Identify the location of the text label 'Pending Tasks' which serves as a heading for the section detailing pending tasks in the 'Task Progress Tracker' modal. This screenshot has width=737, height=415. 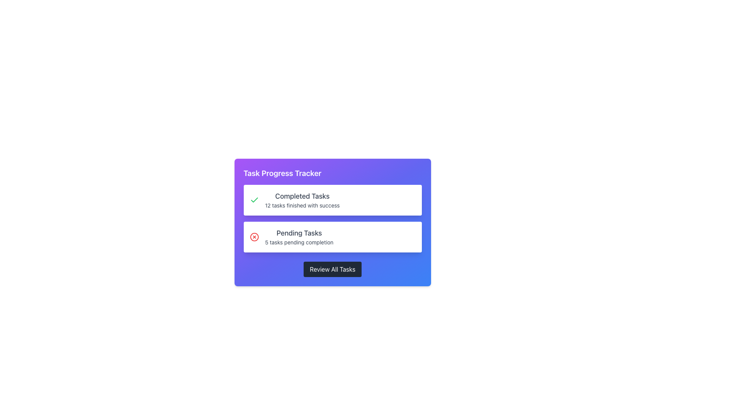
(299, 232).